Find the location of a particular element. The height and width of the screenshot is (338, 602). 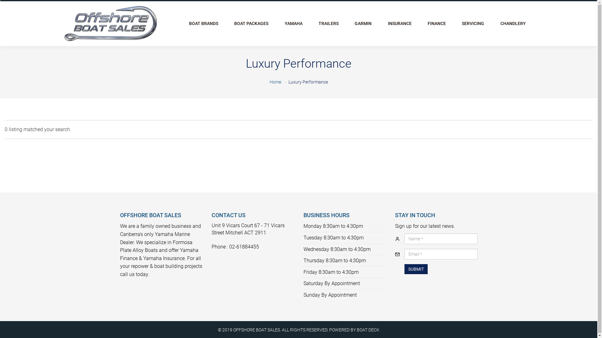

'CHANDLERY' is located at coordinates (513, 23).